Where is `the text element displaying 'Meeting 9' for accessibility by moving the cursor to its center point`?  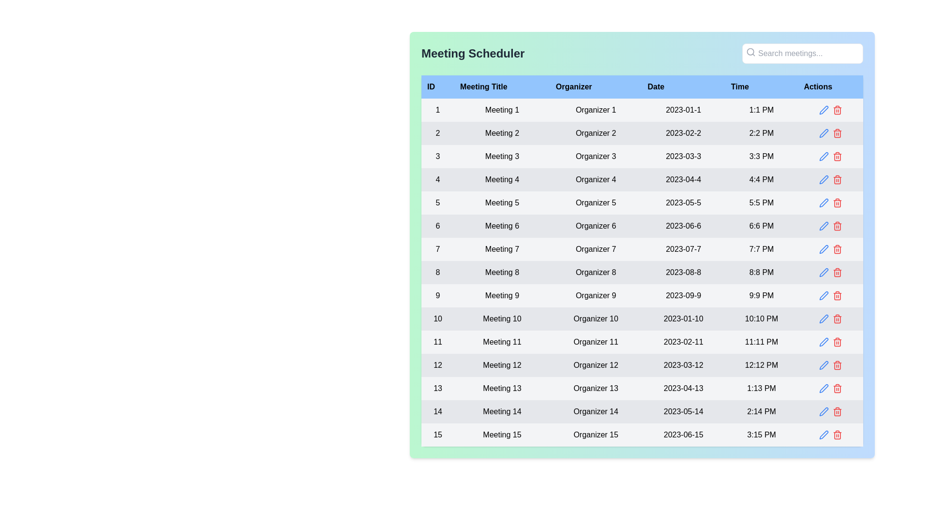 the text element displaying 'Meeting 9' for accessibility by moving the cursor to its center point is located at coordinates (502, 295).